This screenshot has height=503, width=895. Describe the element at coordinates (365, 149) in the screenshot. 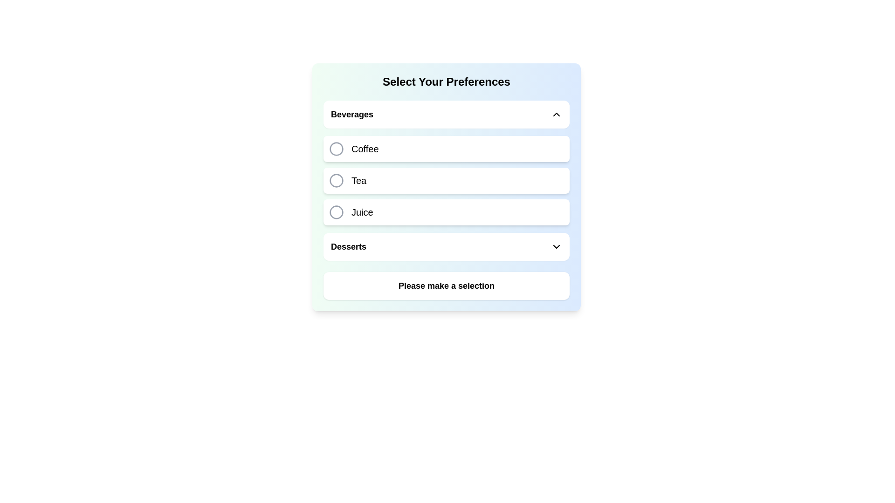

I see `the 'Coffee' label in the Beverages section, which is a title or option label displayed in a larger font size and medium weight, located in the second row to the right of a radio button` at that location.